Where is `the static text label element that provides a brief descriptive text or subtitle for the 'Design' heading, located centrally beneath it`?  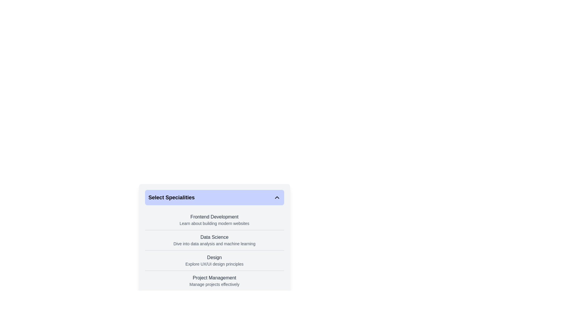
the static text label element that provides a brief descriptive text or subtitle for the 'Design' heading, located centrally beneath it is located at coordinates (214, 264).